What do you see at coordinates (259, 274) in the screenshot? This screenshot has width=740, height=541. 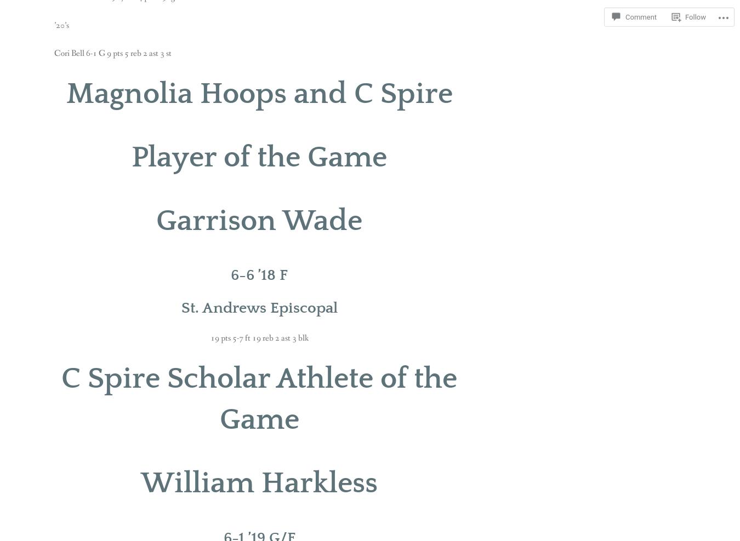 I see `'6-6 ’18 F'` at bounding box center [259, 274].